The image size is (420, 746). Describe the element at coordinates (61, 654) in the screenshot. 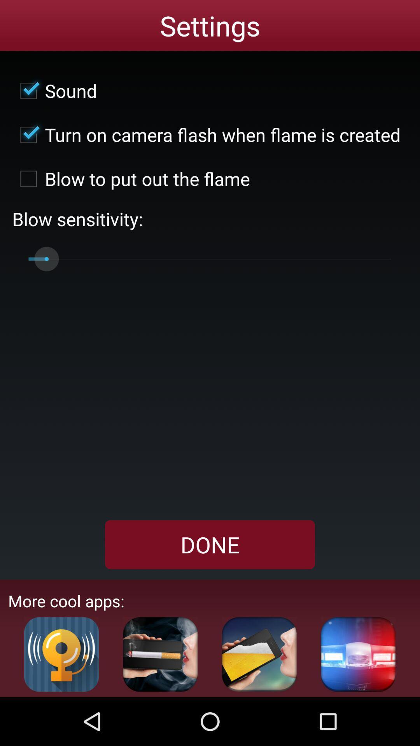

I see `the first image in the more cool apps` at that location.